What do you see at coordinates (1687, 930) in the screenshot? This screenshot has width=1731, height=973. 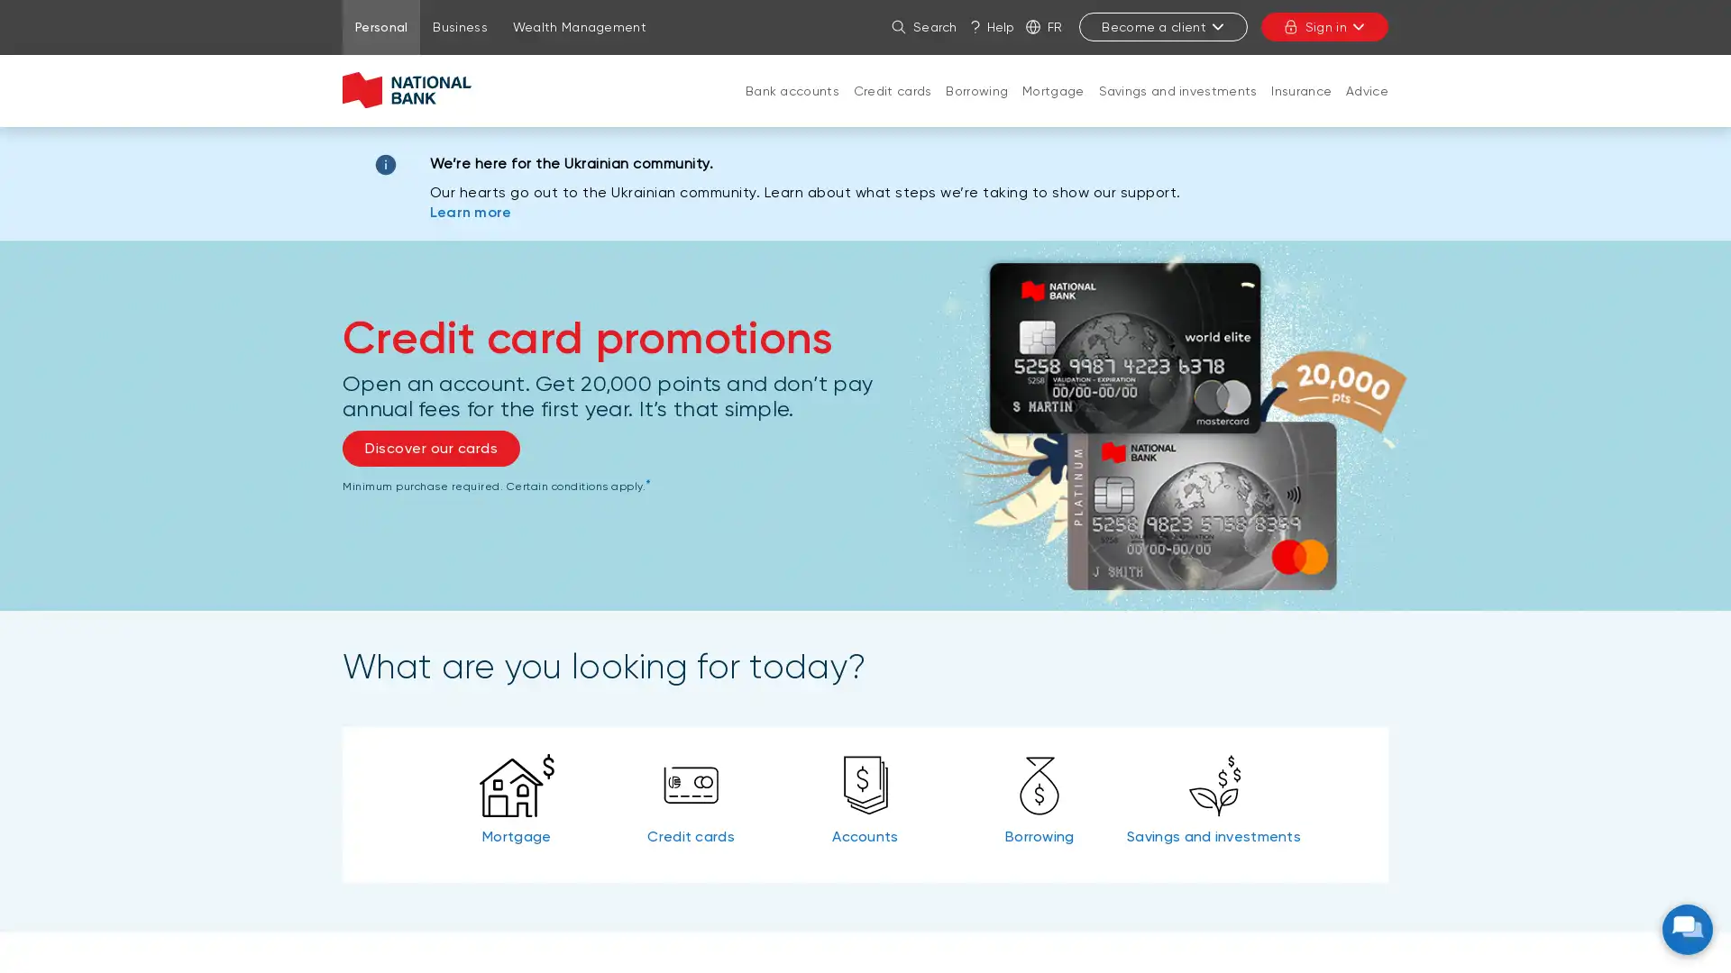 I see `NBC virtual assistant` at bounding box center [1687, 930].